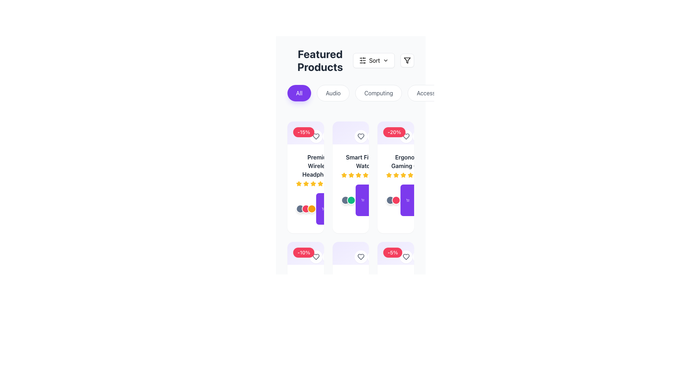  Describe the element at coordinates (432, 92) in the screenshot. I see `the filter button that shows only accessories, located to the right of the 'Computing' button and to the left of the 'Gaming' button` at that location.